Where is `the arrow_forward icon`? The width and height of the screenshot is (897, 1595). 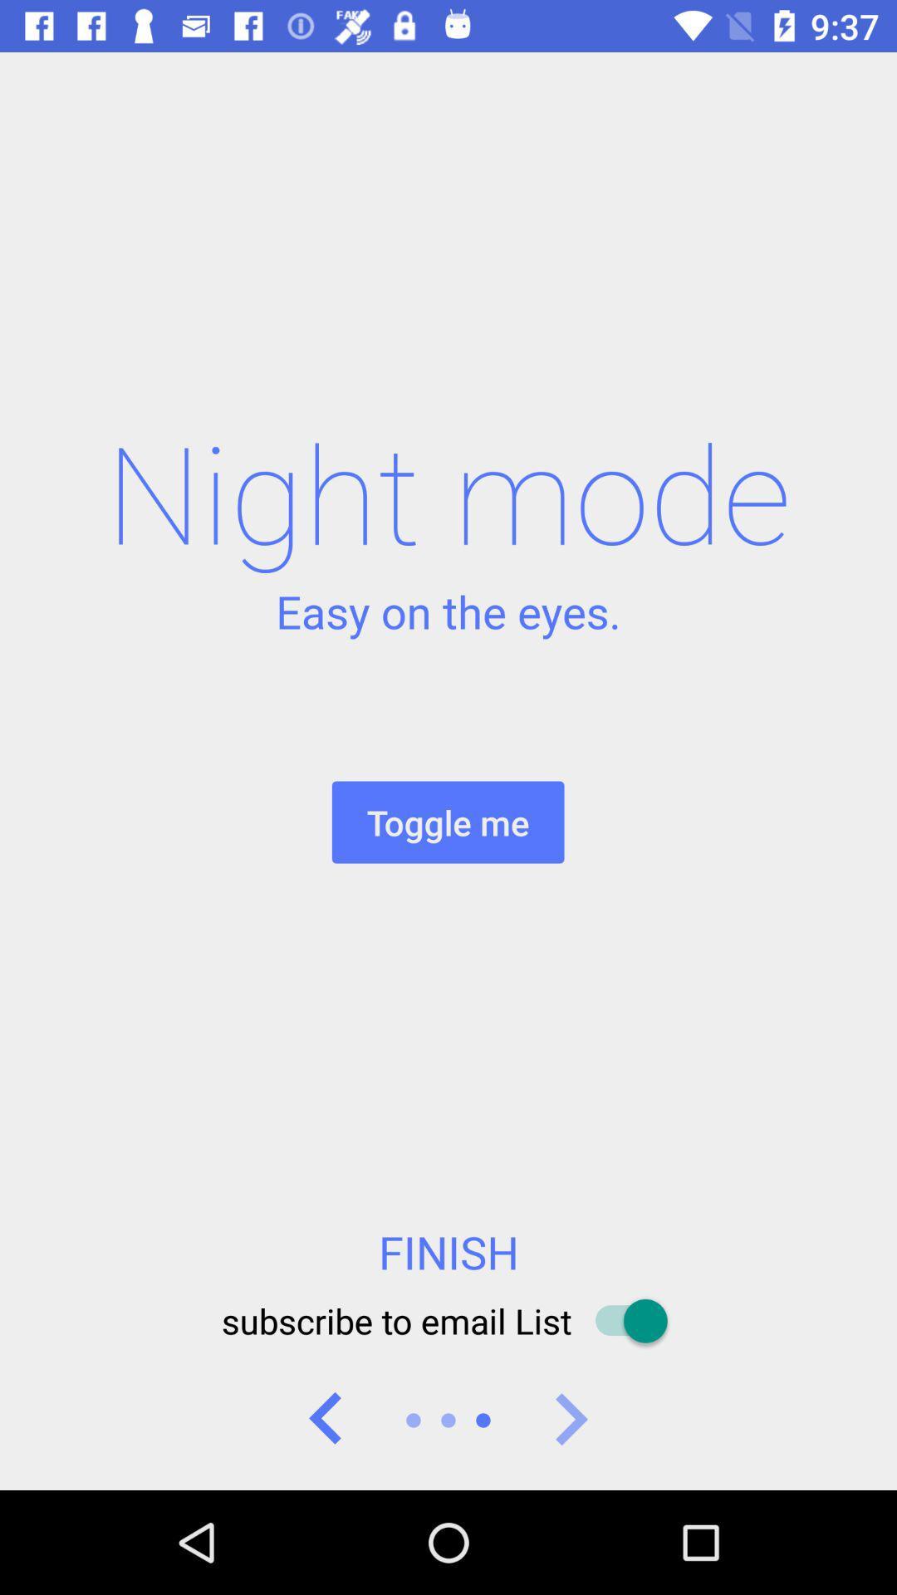 the arrow_forward icon is located at coordinates (569, 1419).